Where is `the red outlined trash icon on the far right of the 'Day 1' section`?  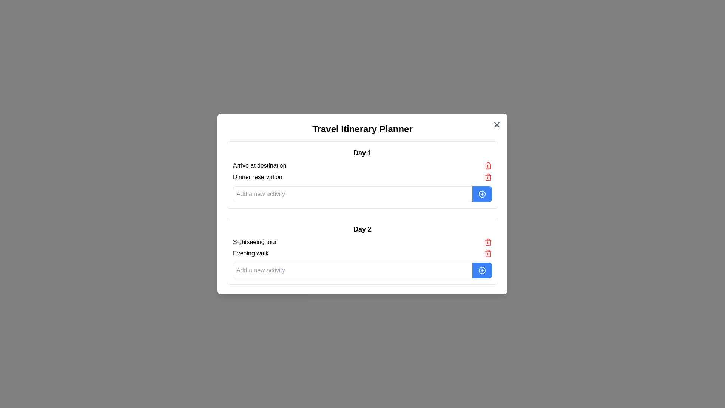
the red outlined trash icon on the far right of the 'Day 1' section is located at coordinates (488, 242).